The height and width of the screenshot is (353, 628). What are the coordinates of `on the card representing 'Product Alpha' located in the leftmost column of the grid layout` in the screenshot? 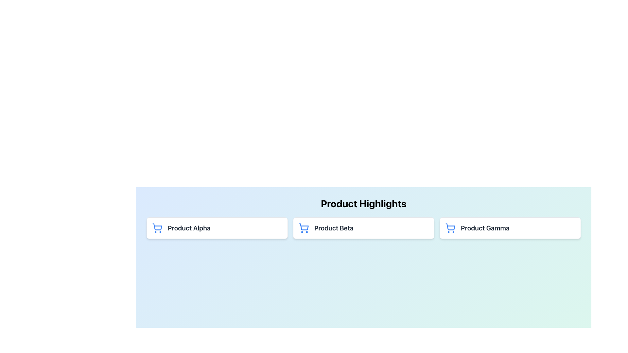 It's located at (217, 228).